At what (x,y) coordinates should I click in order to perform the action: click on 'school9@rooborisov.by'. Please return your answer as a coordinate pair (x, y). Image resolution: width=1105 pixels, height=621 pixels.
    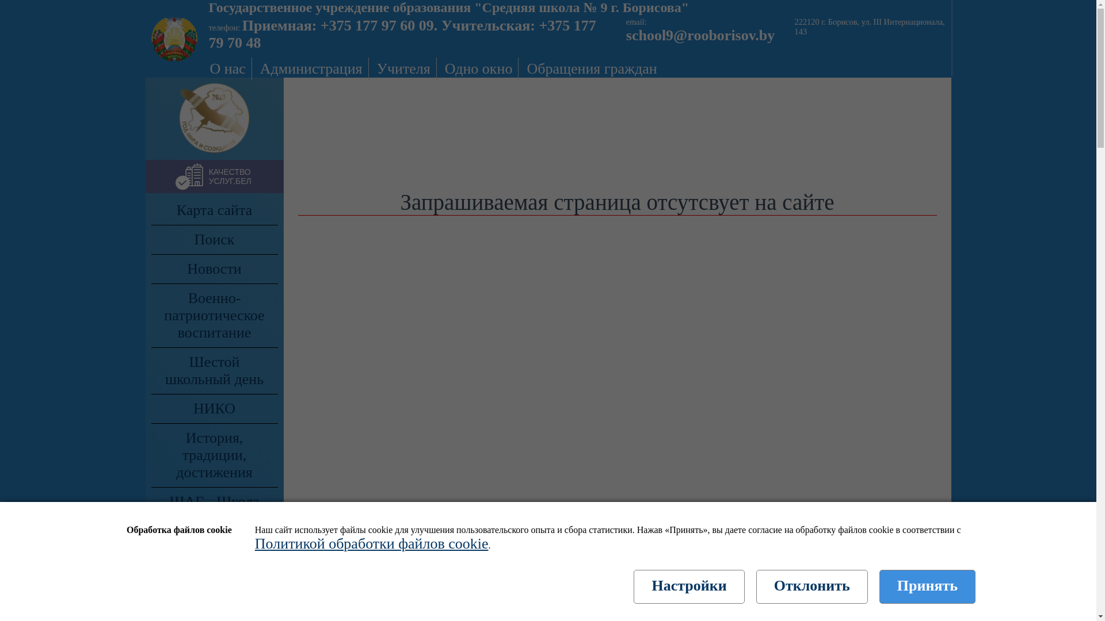
    Looking at the image, I should click on (700, 34).